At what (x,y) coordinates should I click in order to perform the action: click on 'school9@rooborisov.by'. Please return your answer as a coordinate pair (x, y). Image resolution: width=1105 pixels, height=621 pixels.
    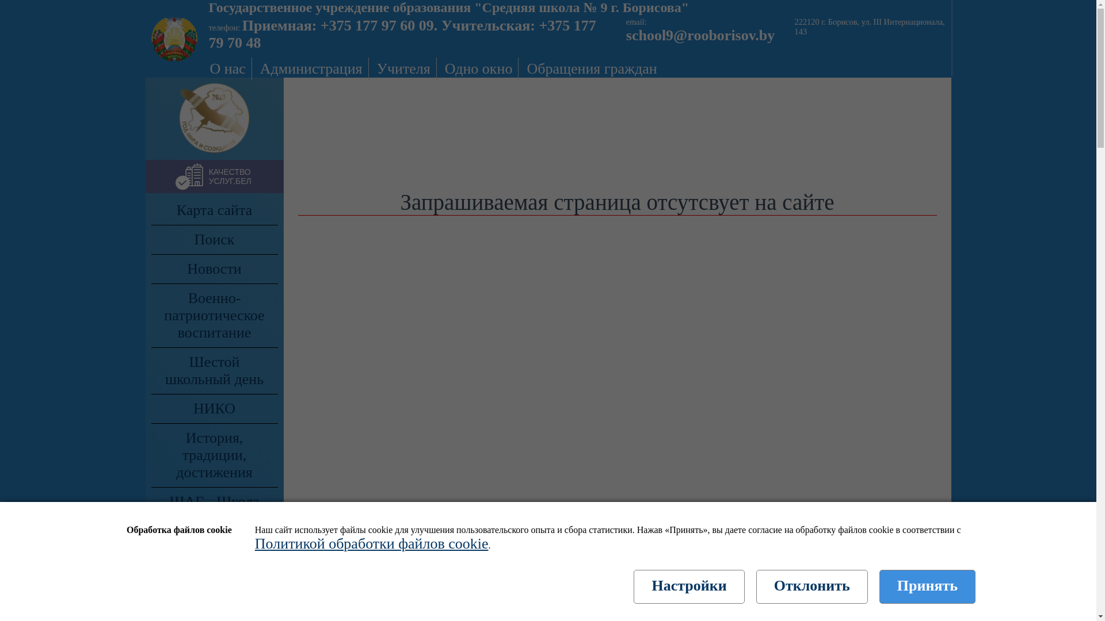
    Looking at the image, I should click on (700, 34).